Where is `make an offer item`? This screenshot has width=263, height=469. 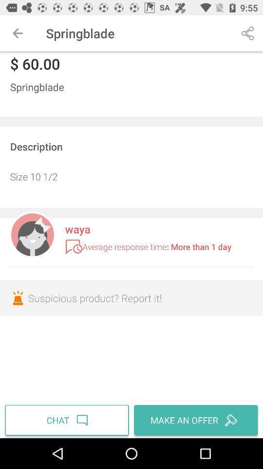
make an offer item is located at coordinates (194, 420).